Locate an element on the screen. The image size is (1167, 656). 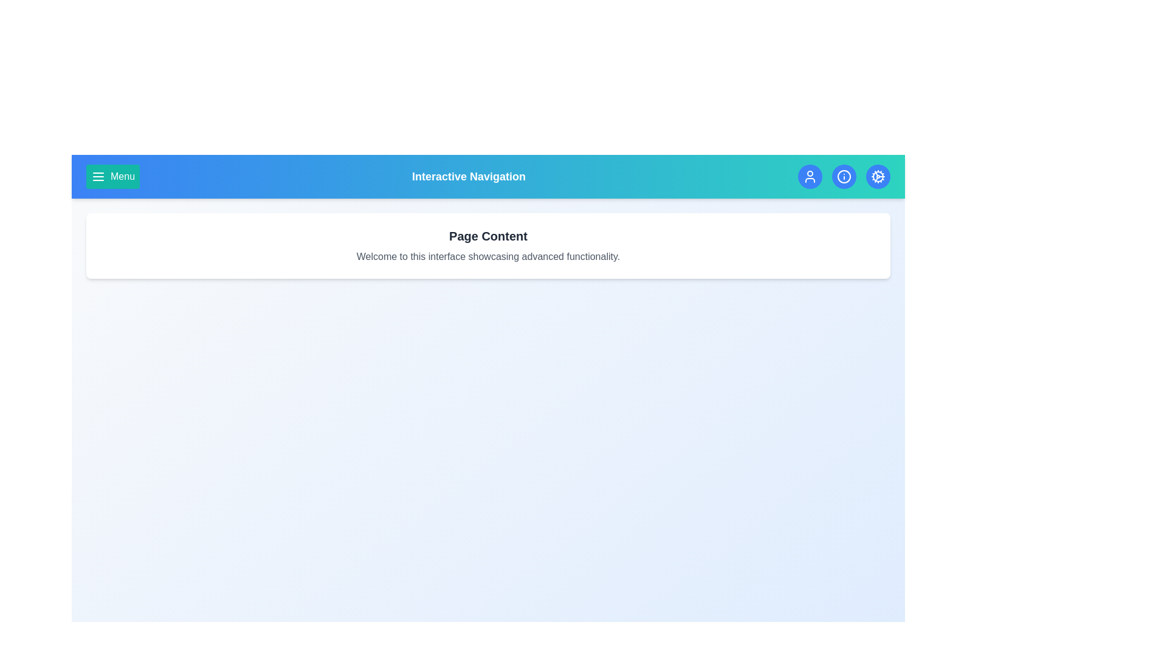
the user icon button to access user profile settings is located at coordinates (810, 176).